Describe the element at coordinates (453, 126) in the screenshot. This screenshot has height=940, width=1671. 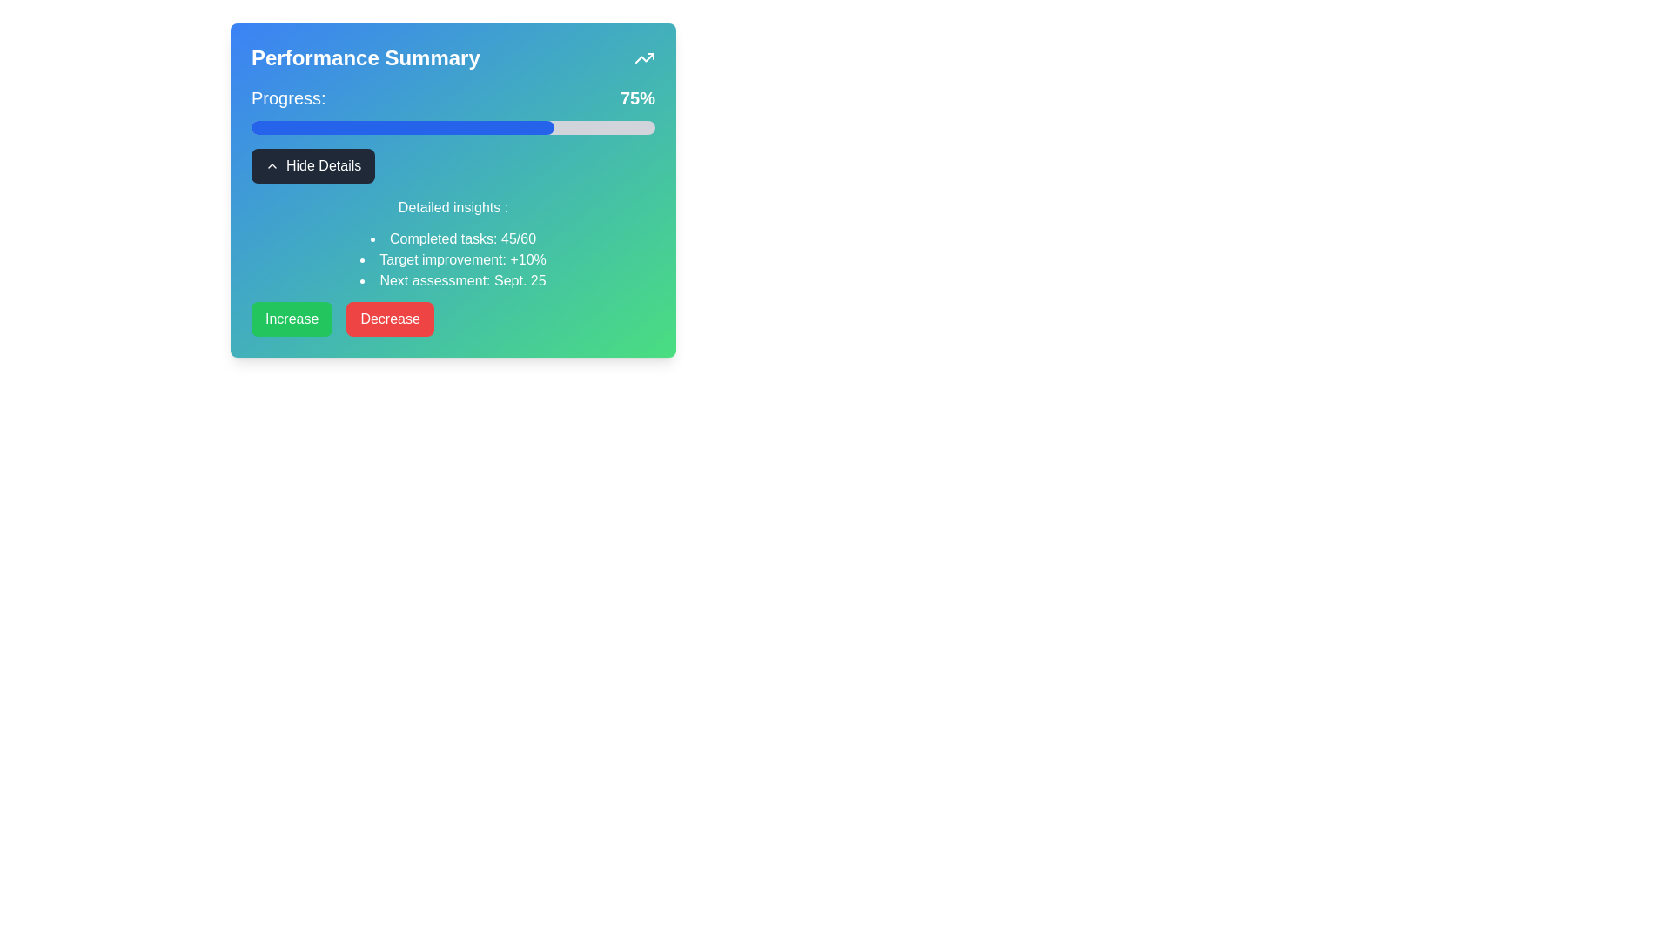
I see `the horizontal progress bar, which is styled with a light gray background and a blue filled section, located below the 'Progress: 75%' text within a gradient card` at that location.